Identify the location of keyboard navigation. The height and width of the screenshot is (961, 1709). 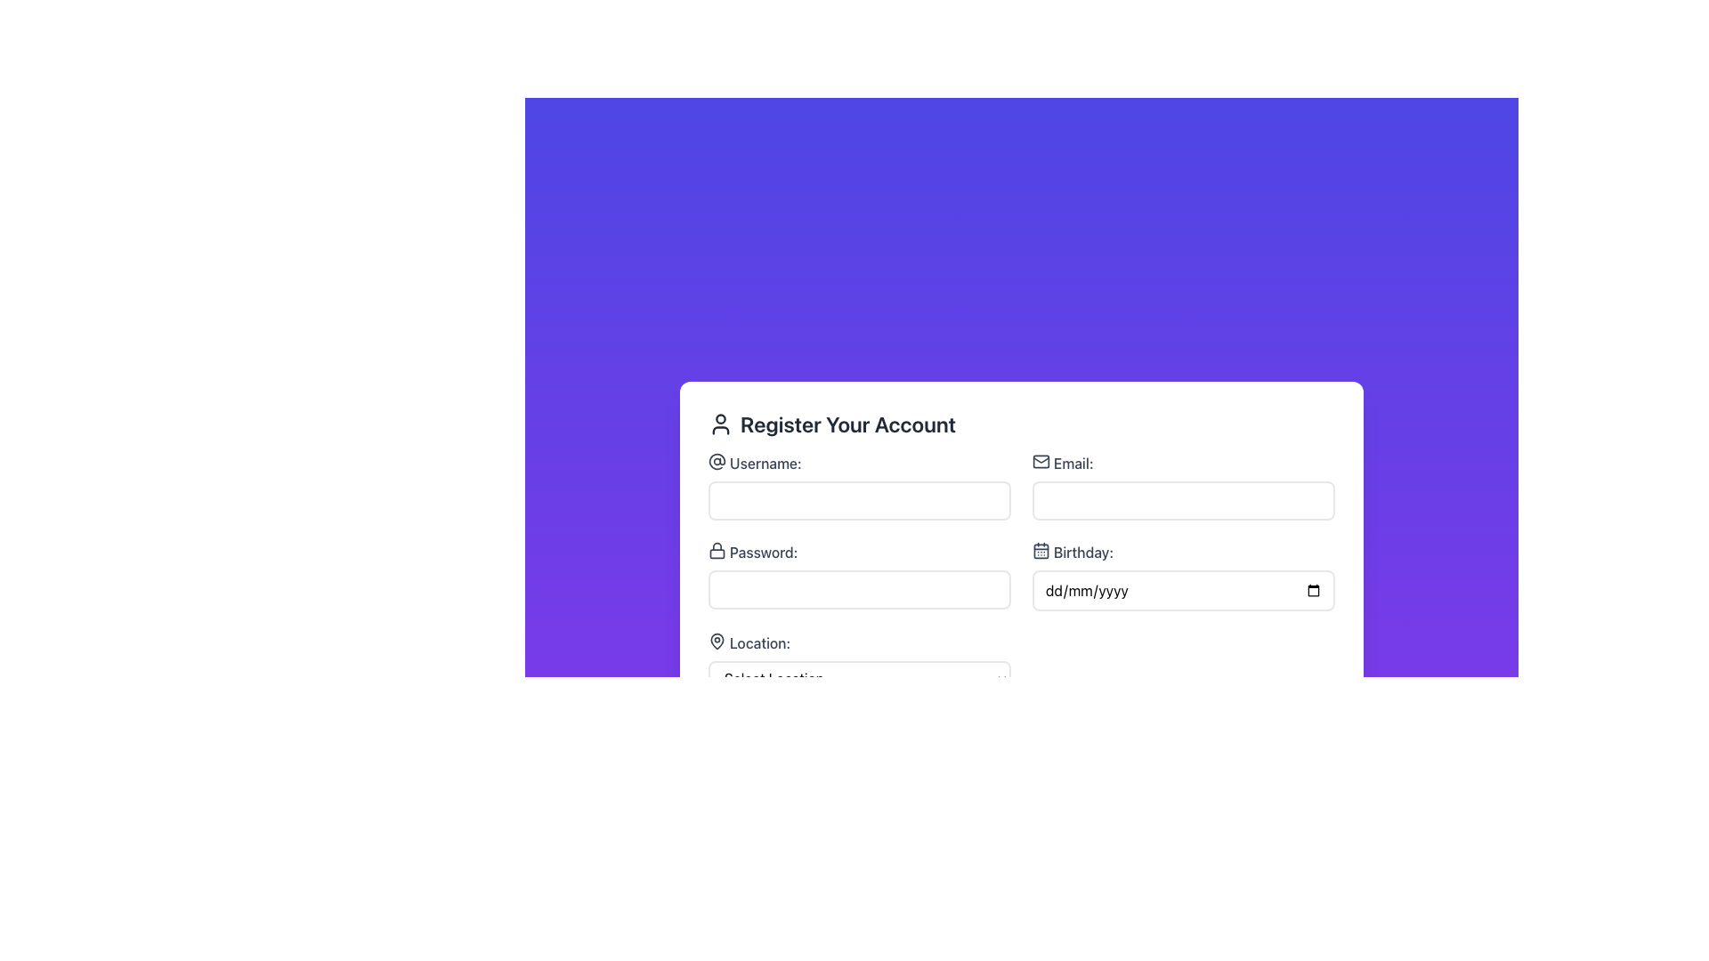
(1183, 590).